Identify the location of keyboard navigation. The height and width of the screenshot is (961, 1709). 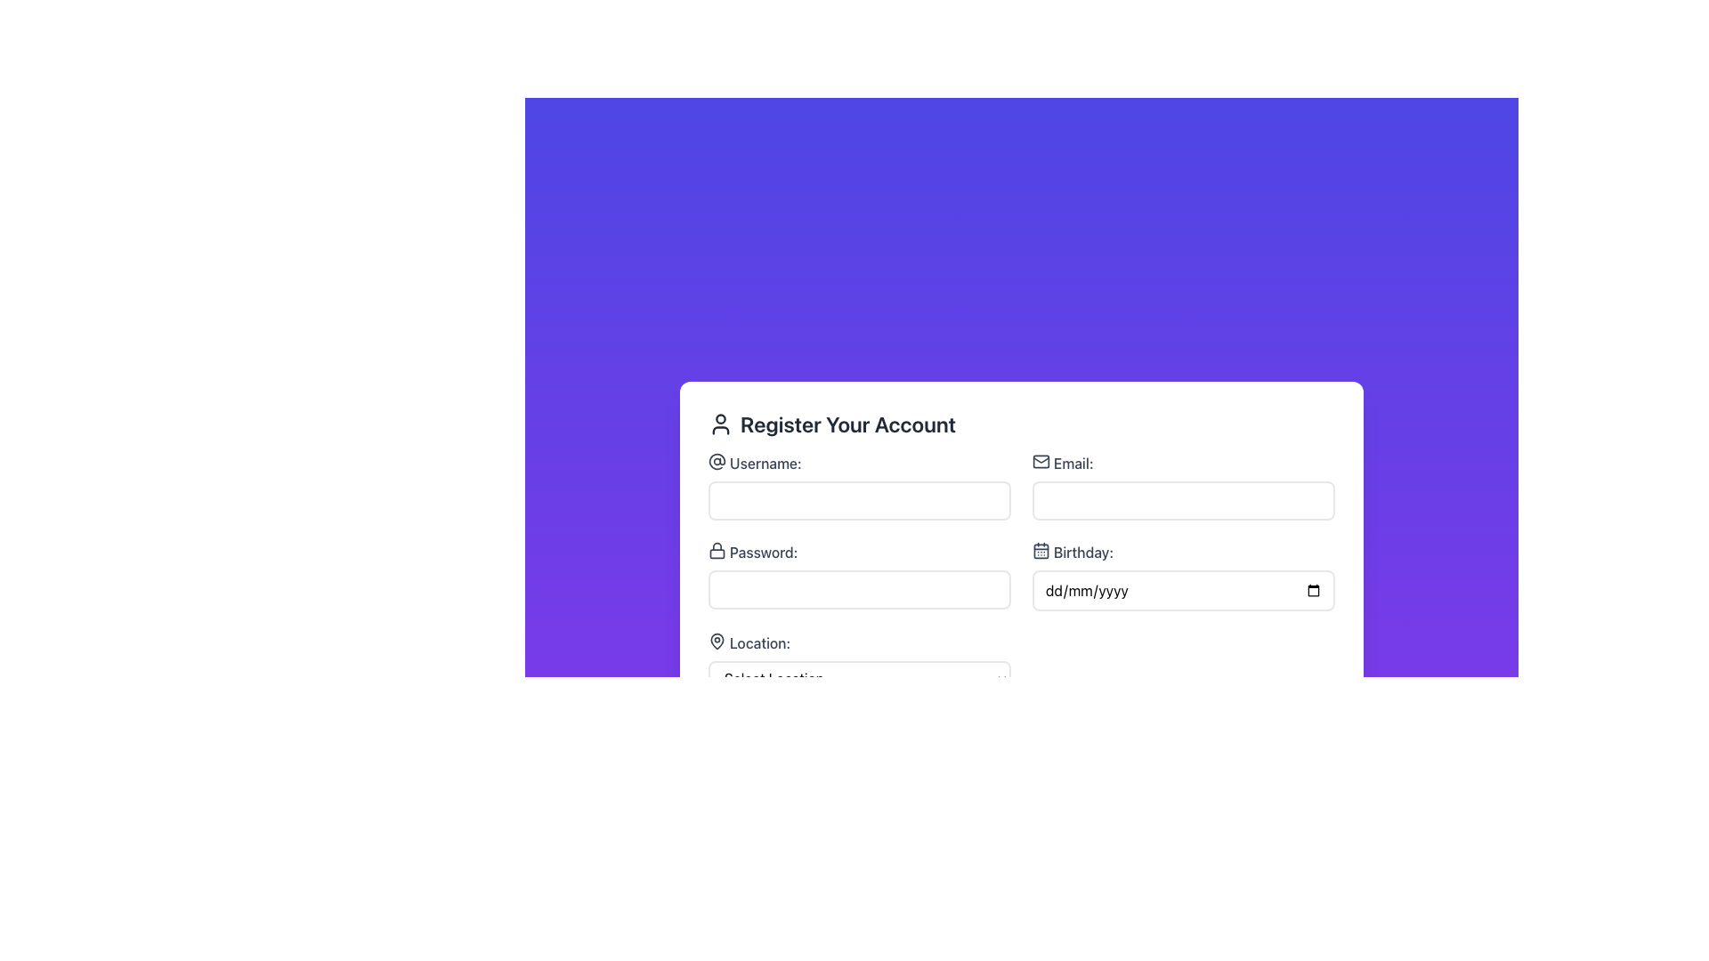
(1183, 590).